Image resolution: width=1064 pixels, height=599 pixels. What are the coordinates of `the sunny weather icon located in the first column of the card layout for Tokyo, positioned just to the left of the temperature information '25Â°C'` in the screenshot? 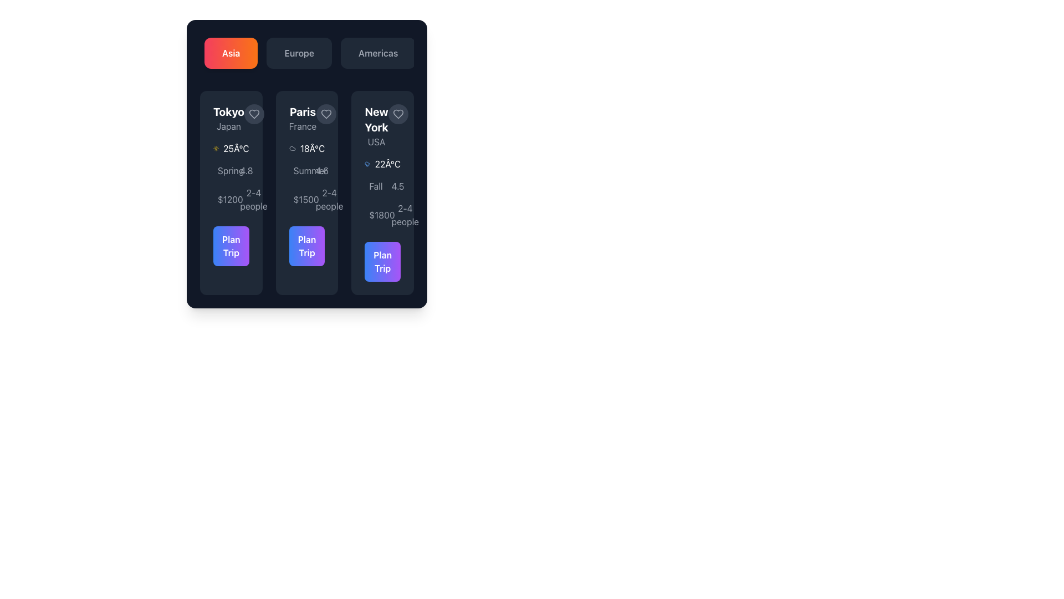 It's located at (216, 148).